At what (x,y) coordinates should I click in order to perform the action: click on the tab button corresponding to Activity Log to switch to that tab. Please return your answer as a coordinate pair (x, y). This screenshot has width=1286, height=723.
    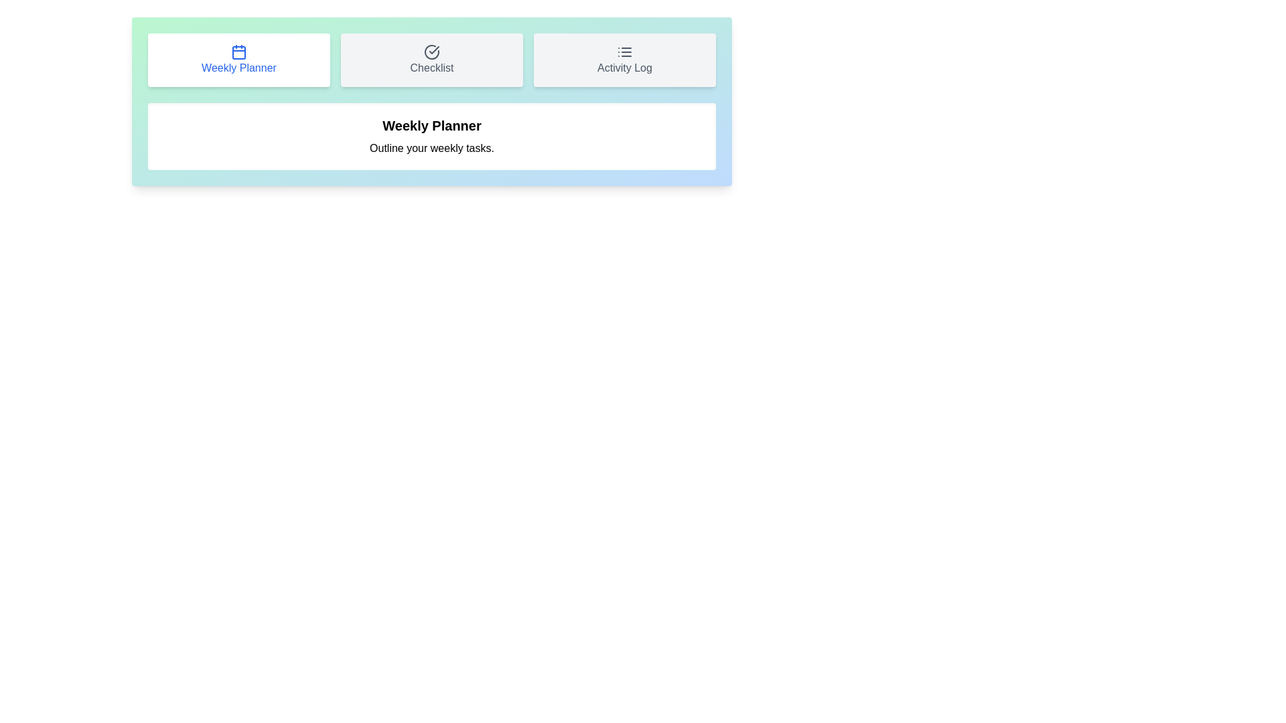
    Looking at the image, I should click on (624, 59).